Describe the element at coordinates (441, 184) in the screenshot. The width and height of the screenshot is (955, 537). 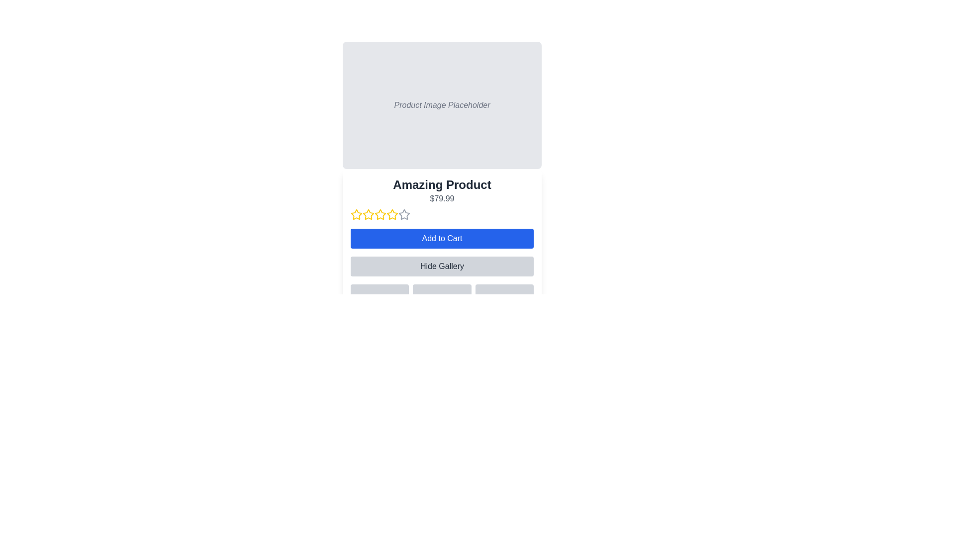
I see `text from the Text Label displaying 'Amazing Product', which is bold and large, located above the price display and below the product image placeholder` at that location.